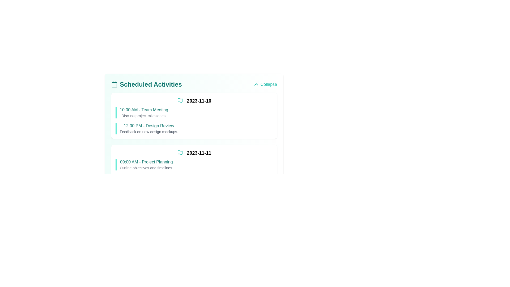 Image resolution: width=510 pixels, height=287 pixels. What do you see at coordinates (149, 132) in the screenshot?
I see `the text label displaying 'Feedback on new design mockups.' located below the '12:00 PM - Design Review' description in the scheduled activity card for '2023-11-10'` at bounding box center [149, 132].